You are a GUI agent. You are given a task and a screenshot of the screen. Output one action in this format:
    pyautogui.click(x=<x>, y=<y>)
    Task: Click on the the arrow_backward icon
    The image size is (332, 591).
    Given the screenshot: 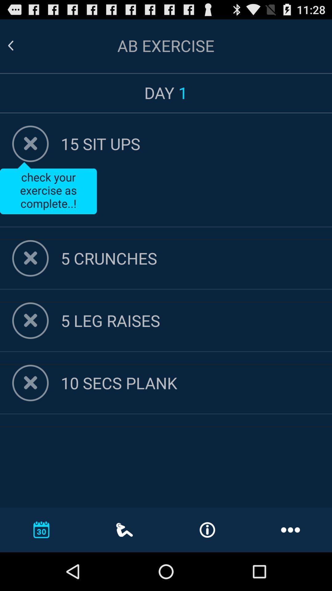 What is the action you would take?
    pyautogui.click(x=18, y=48)
    